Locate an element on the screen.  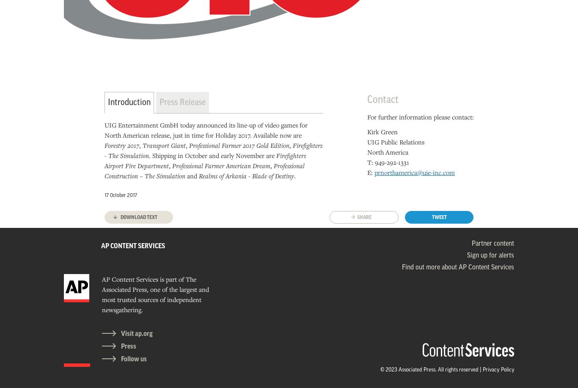
'Forestry 2017' is located at coordinates (121, 144).